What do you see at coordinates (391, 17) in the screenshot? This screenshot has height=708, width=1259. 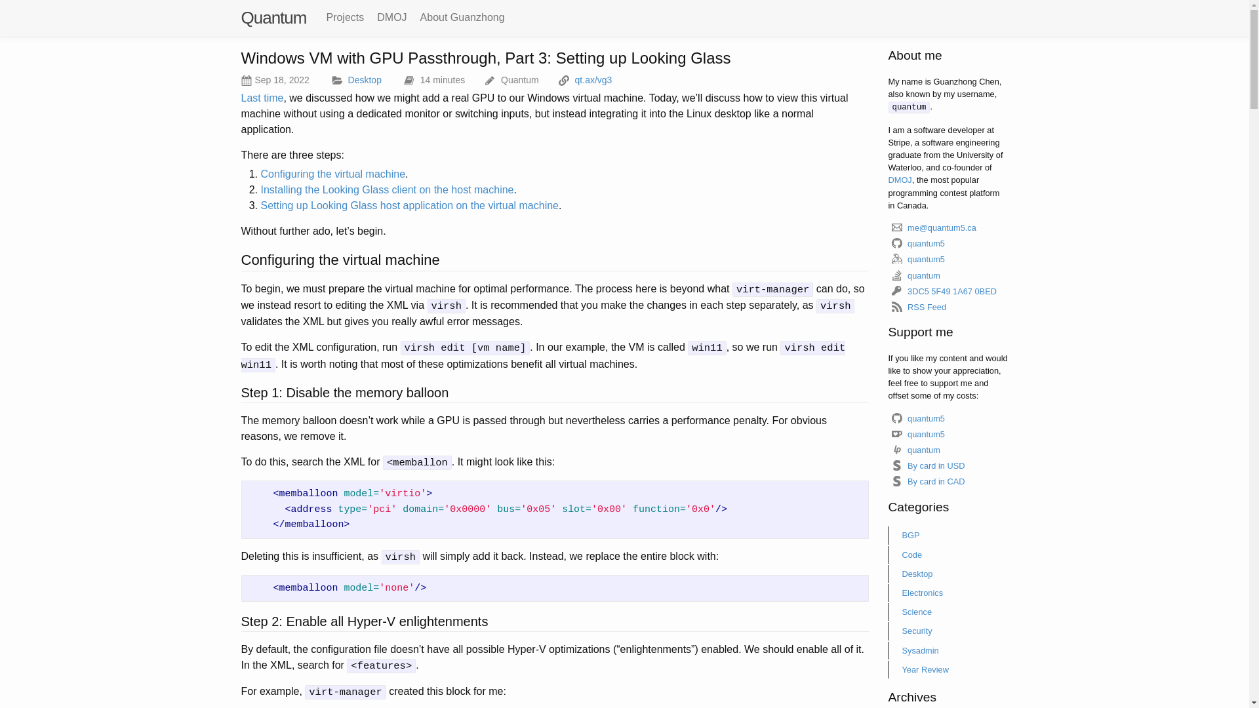 I see `'DMOJ'` at bounding box center [391, 17].